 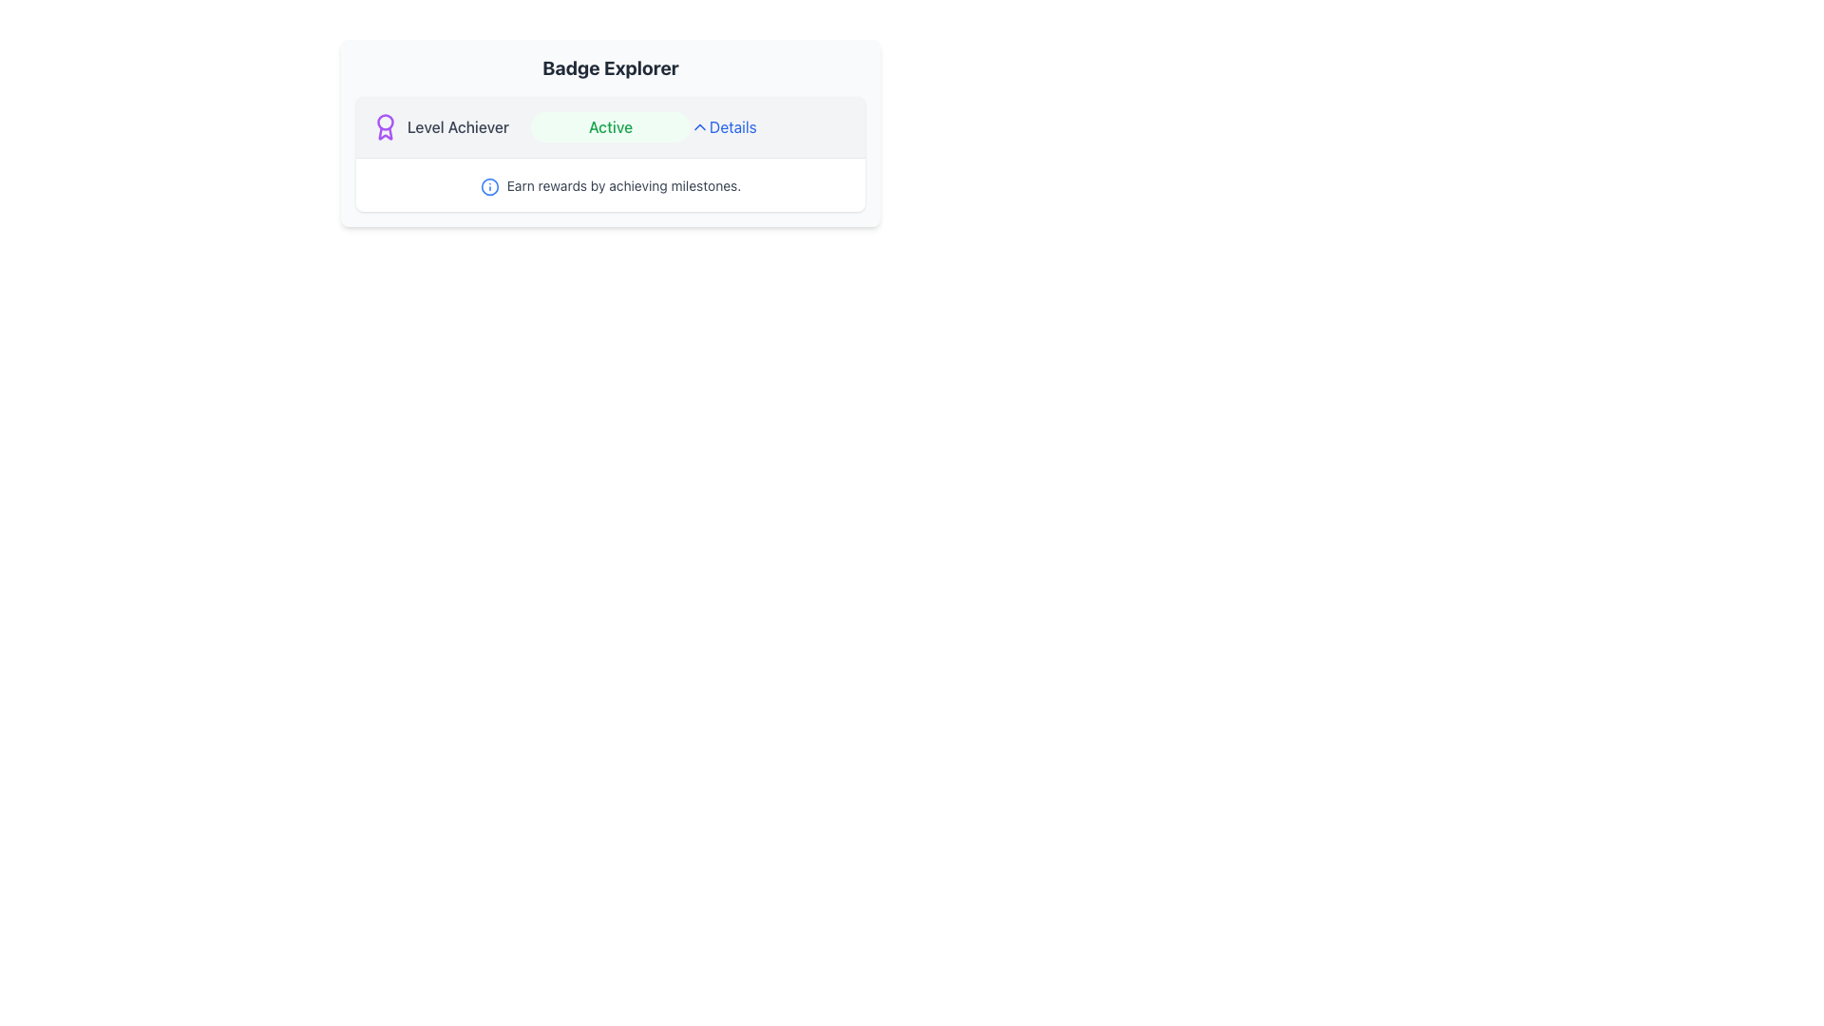 I want to click on the circular icon with a blue outline and a centered dot located under the 'Badge Explorer' header, to the left of the 'Earn rewards by achieving milestones' text, so click(x=489, y=186).